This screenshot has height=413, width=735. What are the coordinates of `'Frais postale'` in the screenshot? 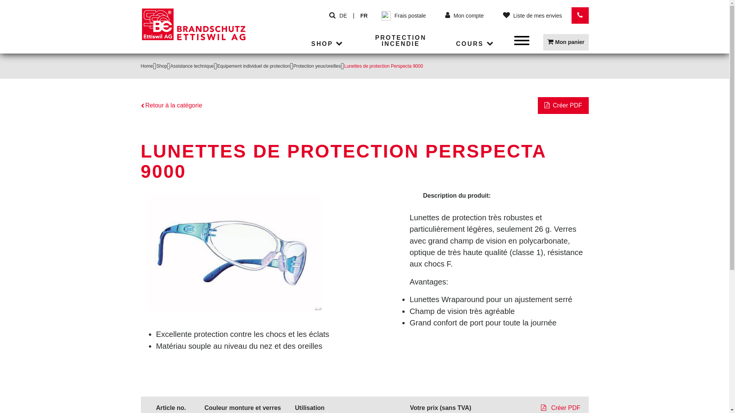 It's located at (377, 15).